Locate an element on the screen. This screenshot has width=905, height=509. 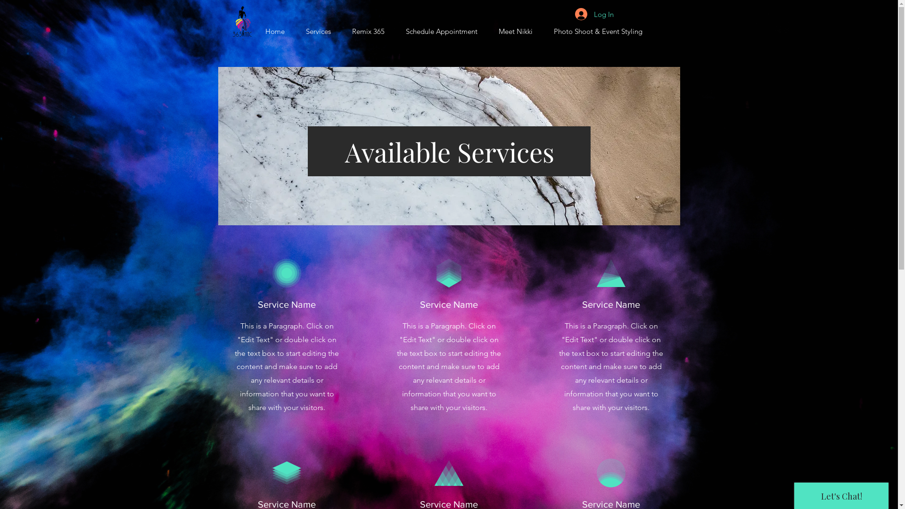
'Services' is located at coordinates (318, 26).